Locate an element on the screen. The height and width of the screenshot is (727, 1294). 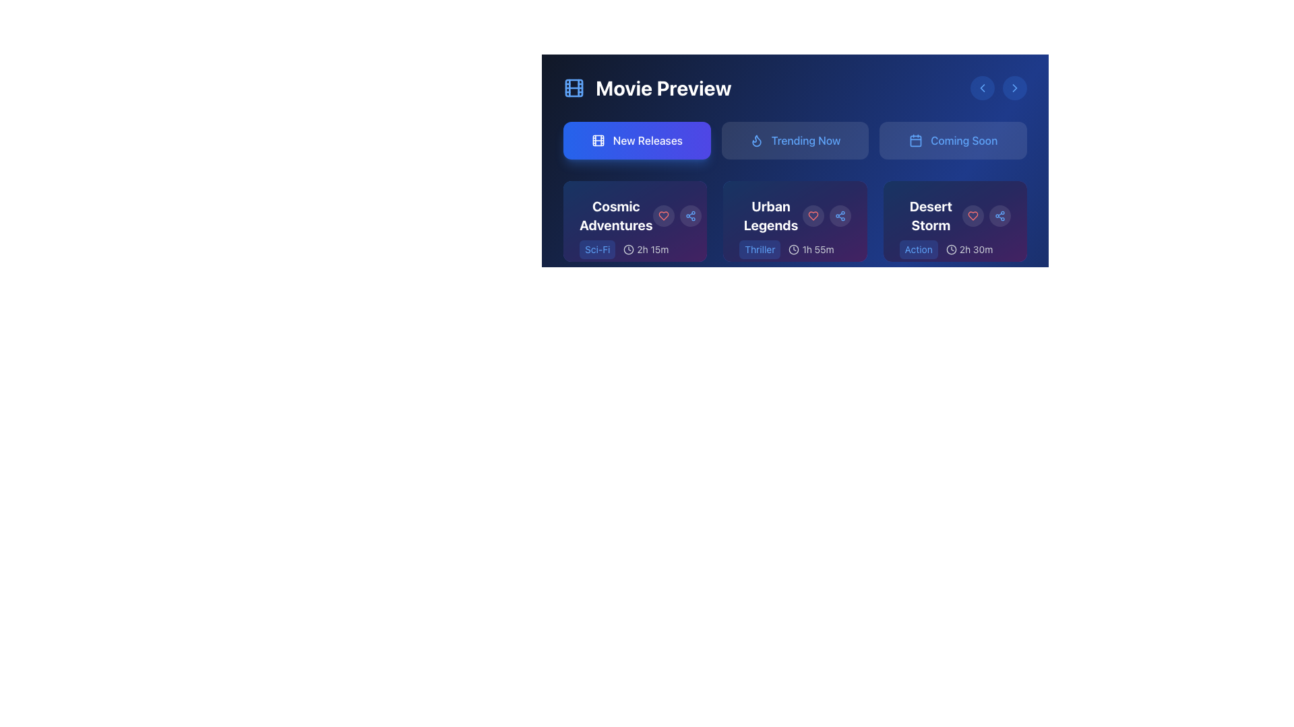
the small, rounded clock icon located in the 'Urban Legends' section under the 'Thriller' tag, which is positioned to the left of the text '1h 55m' is located at coordinates (794, 249).